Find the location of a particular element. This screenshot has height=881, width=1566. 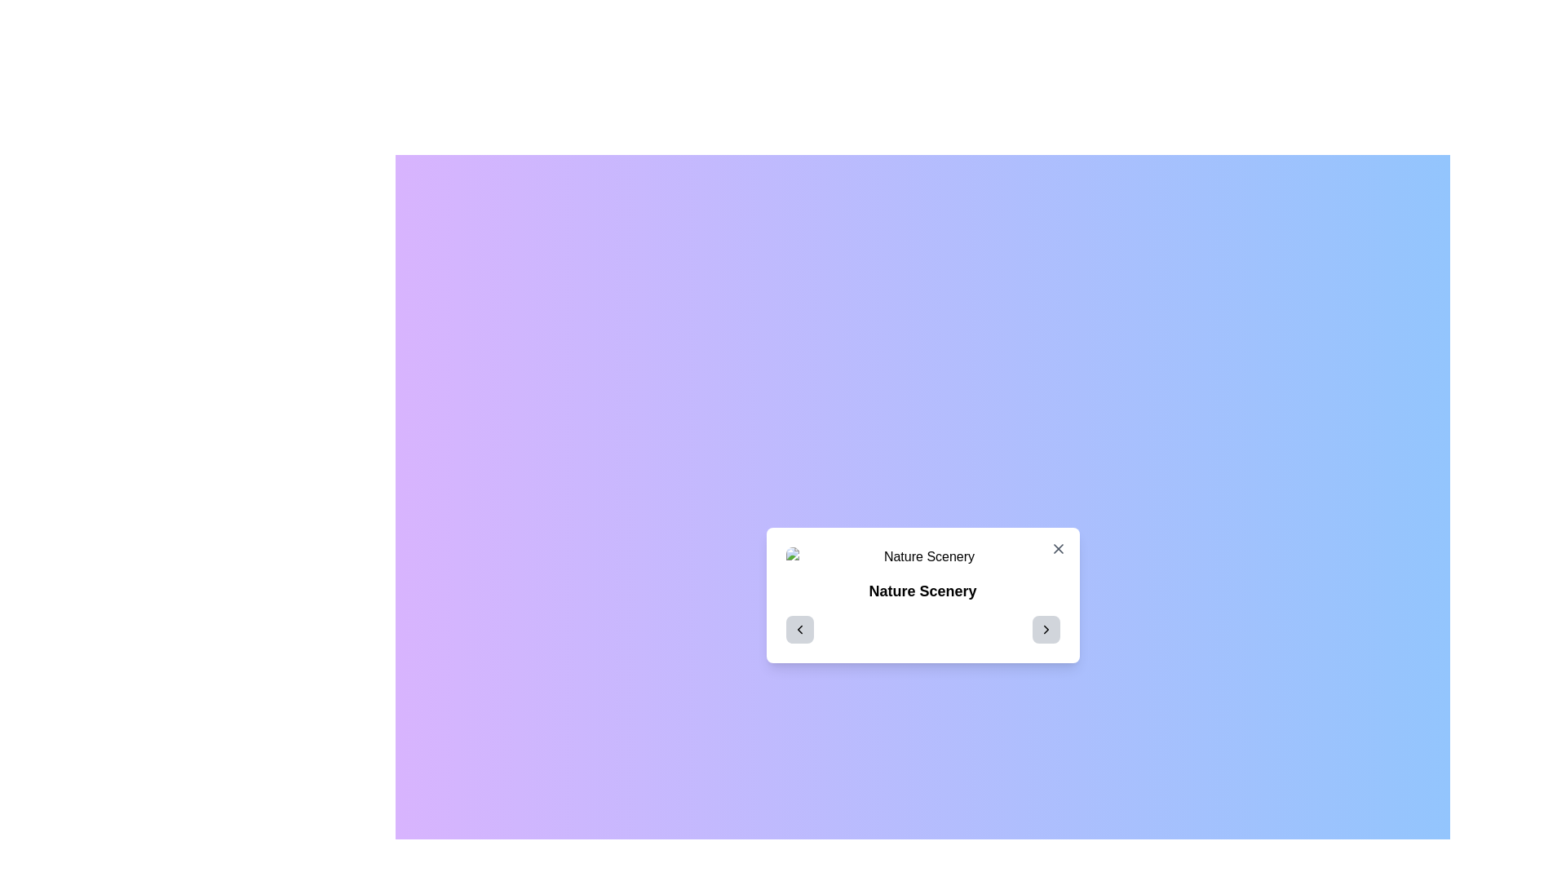

the close button located at the top-right corner of the card containing the text title 'Nature Scenery' is located at coordinates (1058, 548).